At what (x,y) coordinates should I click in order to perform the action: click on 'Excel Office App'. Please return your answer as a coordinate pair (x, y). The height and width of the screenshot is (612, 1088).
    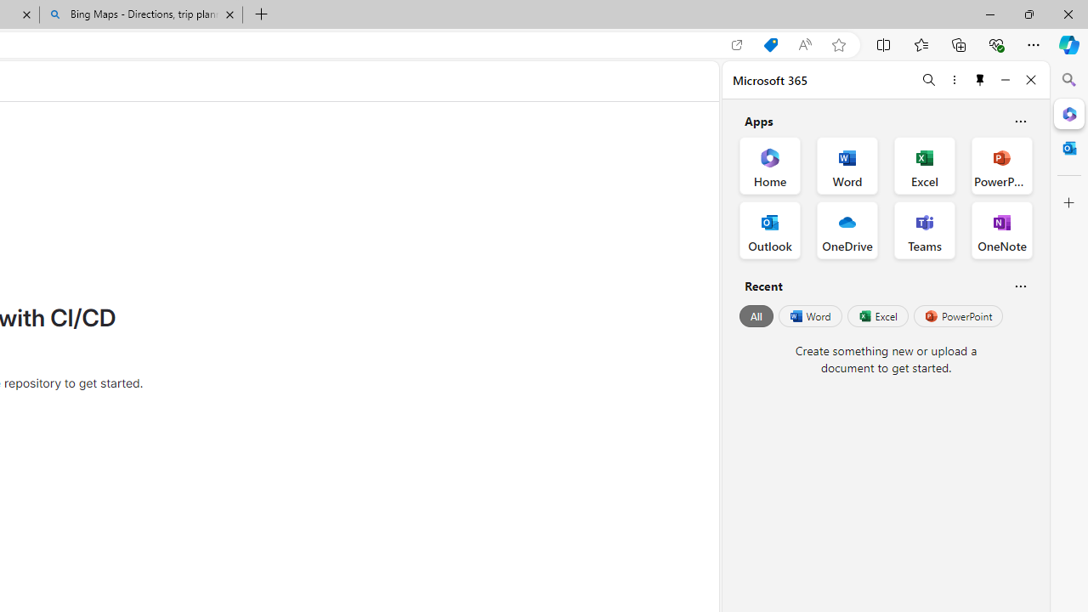
    Looking at the image, I should click on (924, 166).